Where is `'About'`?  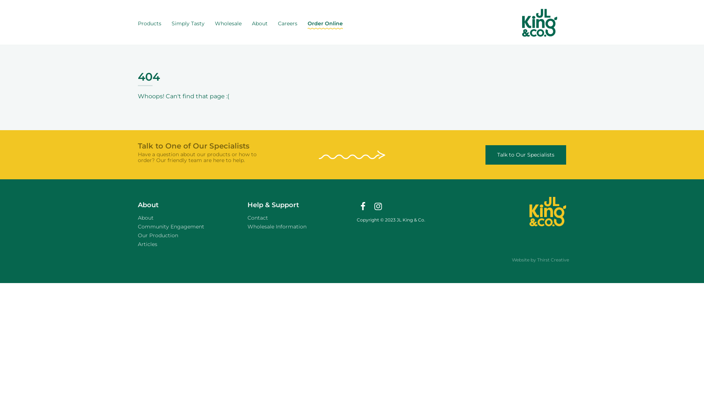
'About' is located at coordinates (252, 23).